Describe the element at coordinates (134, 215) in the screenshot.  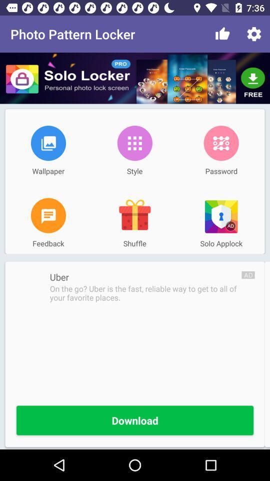
I see `item above the shuffle` at that location.